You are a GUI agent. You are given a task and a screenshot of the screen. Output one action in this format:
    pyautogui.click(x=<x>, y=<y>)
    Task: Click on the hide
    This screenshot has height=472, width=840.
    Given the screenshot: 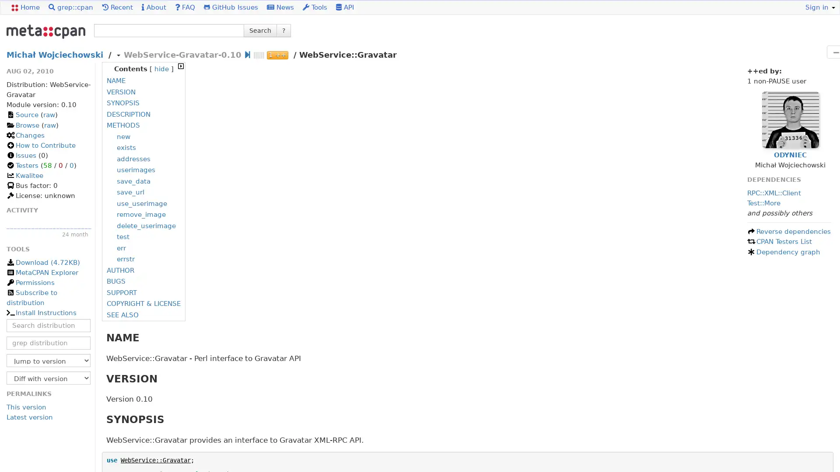 What is the action you would take?
    pyautogui.click(x=161, y=69)
    